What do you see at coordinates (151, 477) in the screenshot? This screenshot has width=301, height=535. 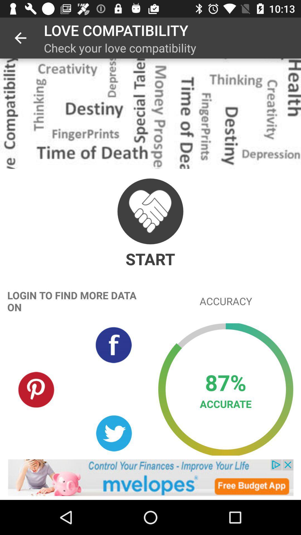 I see `advertisements image` at bounding box center [151, 477].